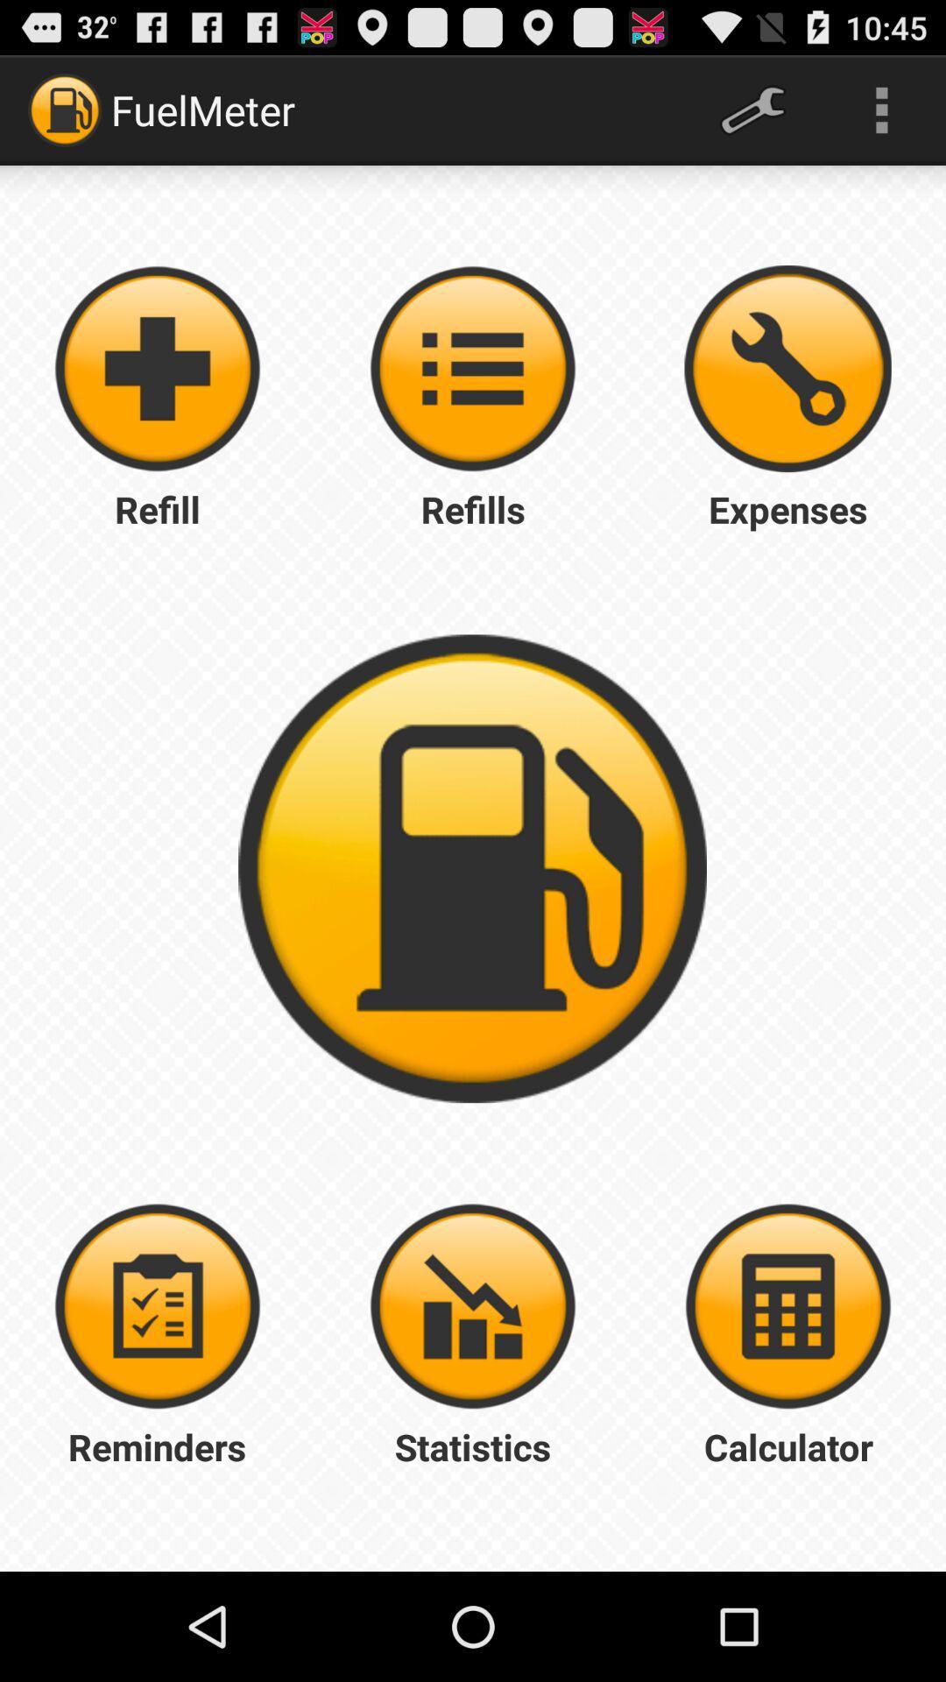 The image size is (946, 1682). I want to click on open statistics menu, so click(473, 1306).